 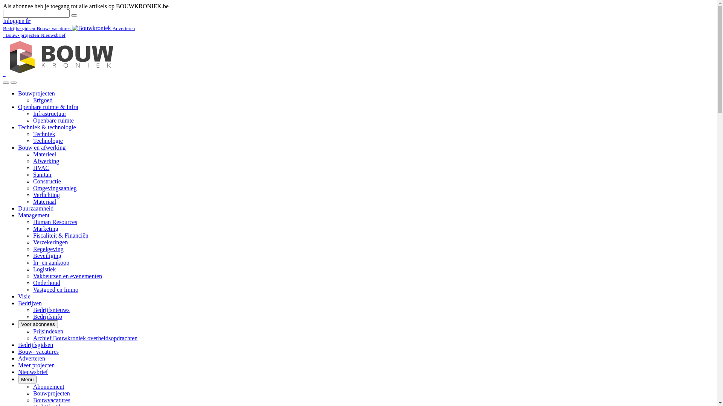 I want to click on 'Archief Bouwkroniek overheidsopdrachten', so click(x=85, y=338).